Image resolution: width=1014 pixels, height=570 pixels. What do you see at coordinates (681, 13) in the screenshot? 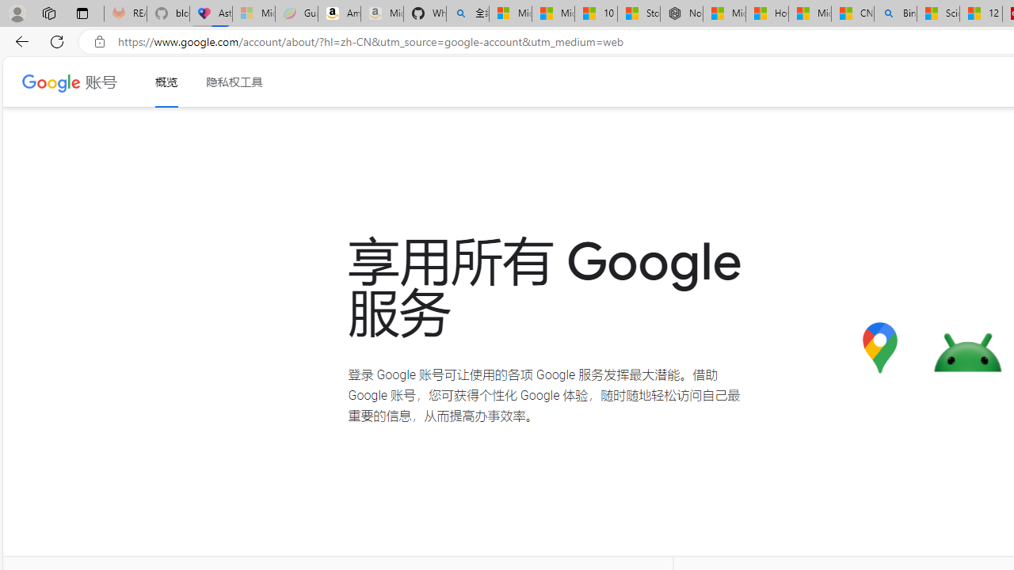
I see `'Nordace - Nordace Siena Is Not An Ordinary Backpack'` at bounding box center [681, 13].